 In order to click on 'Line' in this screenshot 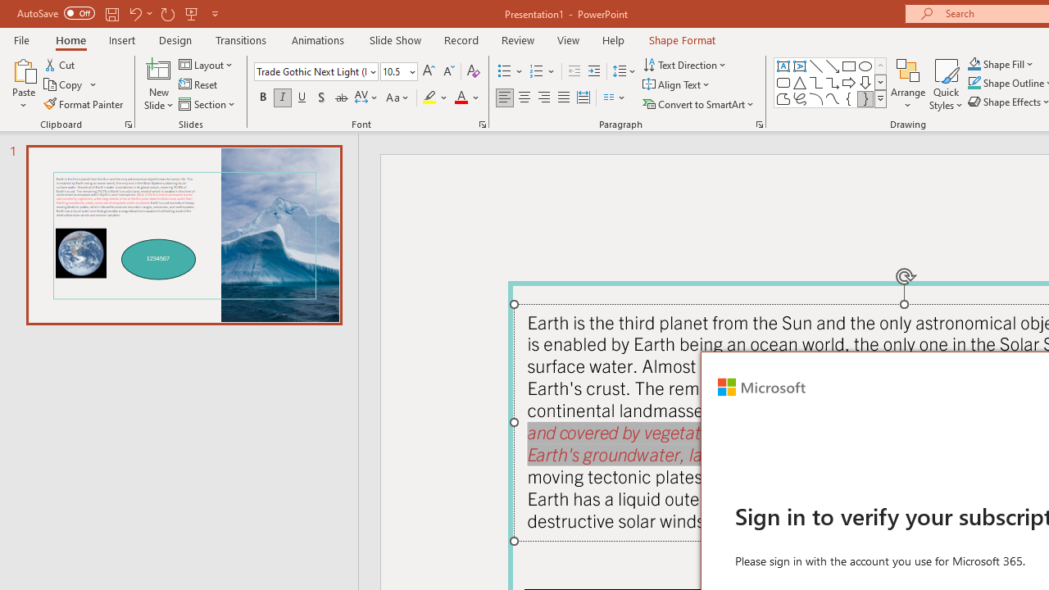, I will do `click(815, 66)`.